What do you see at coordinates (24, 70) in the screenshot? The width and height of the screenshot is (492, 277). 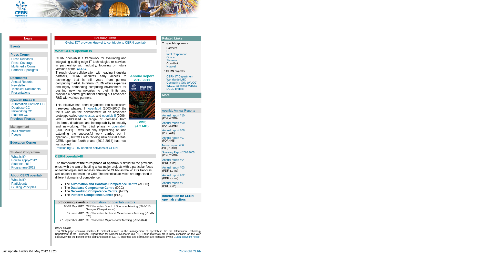 I see `'Partners' Spotlights'` at bounding box center [24, 70].